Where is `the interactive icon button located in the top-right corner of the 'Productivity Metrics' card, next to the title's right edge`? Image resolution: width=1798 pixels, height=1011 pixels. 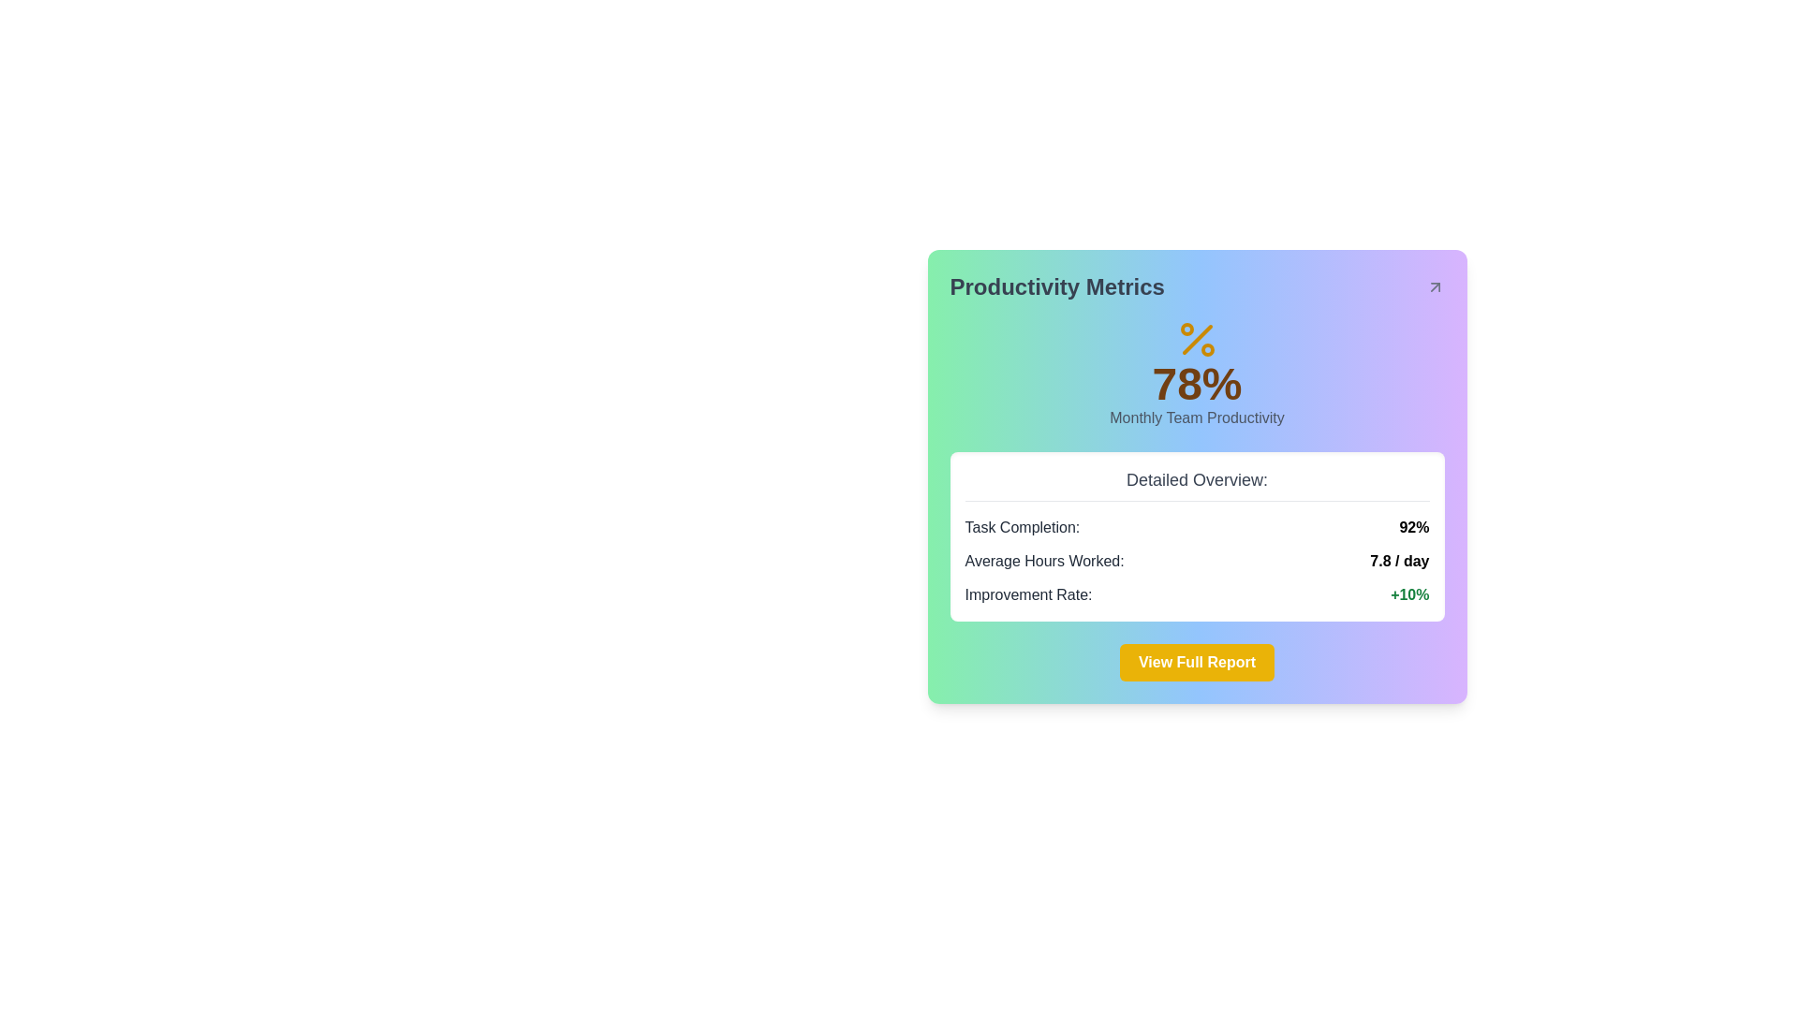
the interactive icon button located in the top-right corner of the 'Productivity Metrics' card, next to the title's right edge is located at coordinates (1434, 287).